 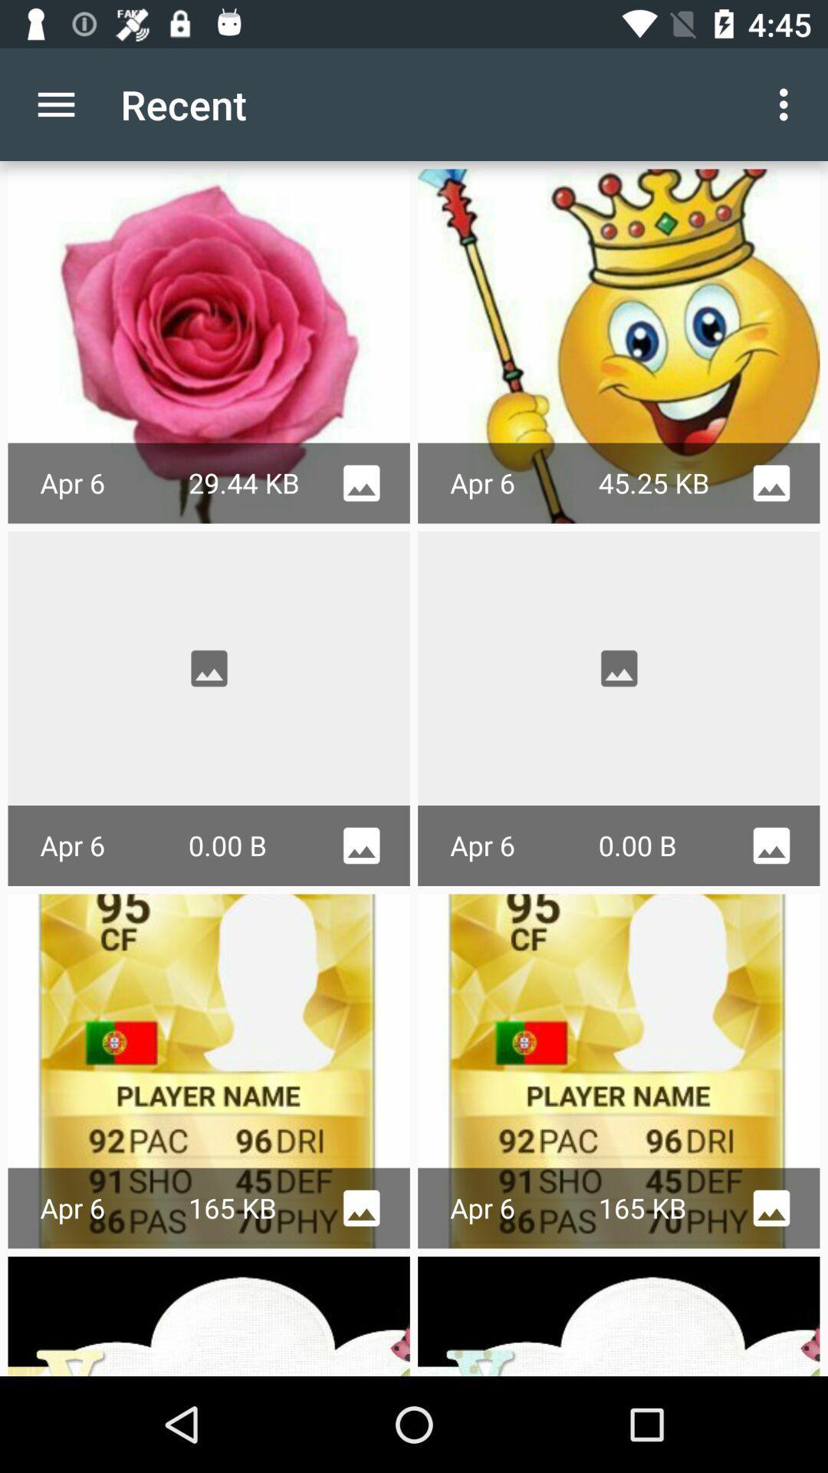 I want to click on item next to the recent app, so click(x=55, y=104).